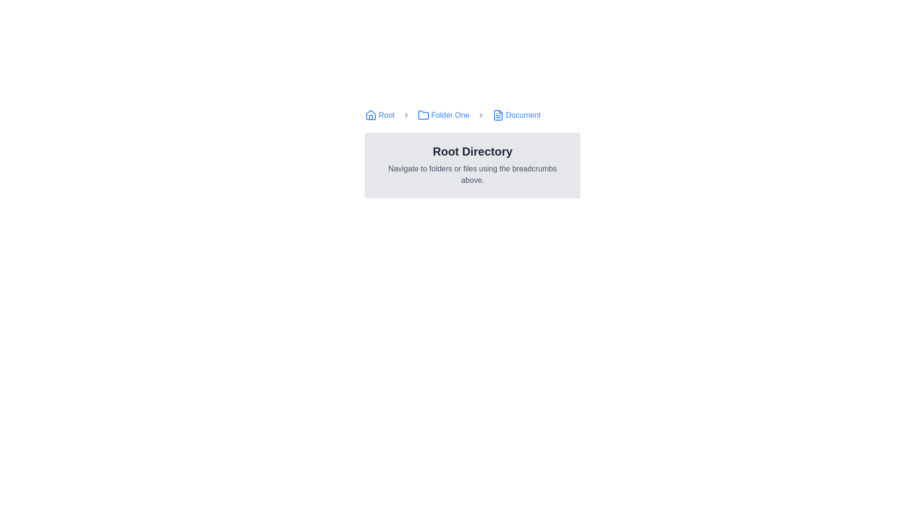  Describe the element at coordinates (379, 114) in the screenshot. I see `the Breadcrumb nav item located at the leftmost position of the breadcrumb navigation bar to visually highlight the link` at that location.